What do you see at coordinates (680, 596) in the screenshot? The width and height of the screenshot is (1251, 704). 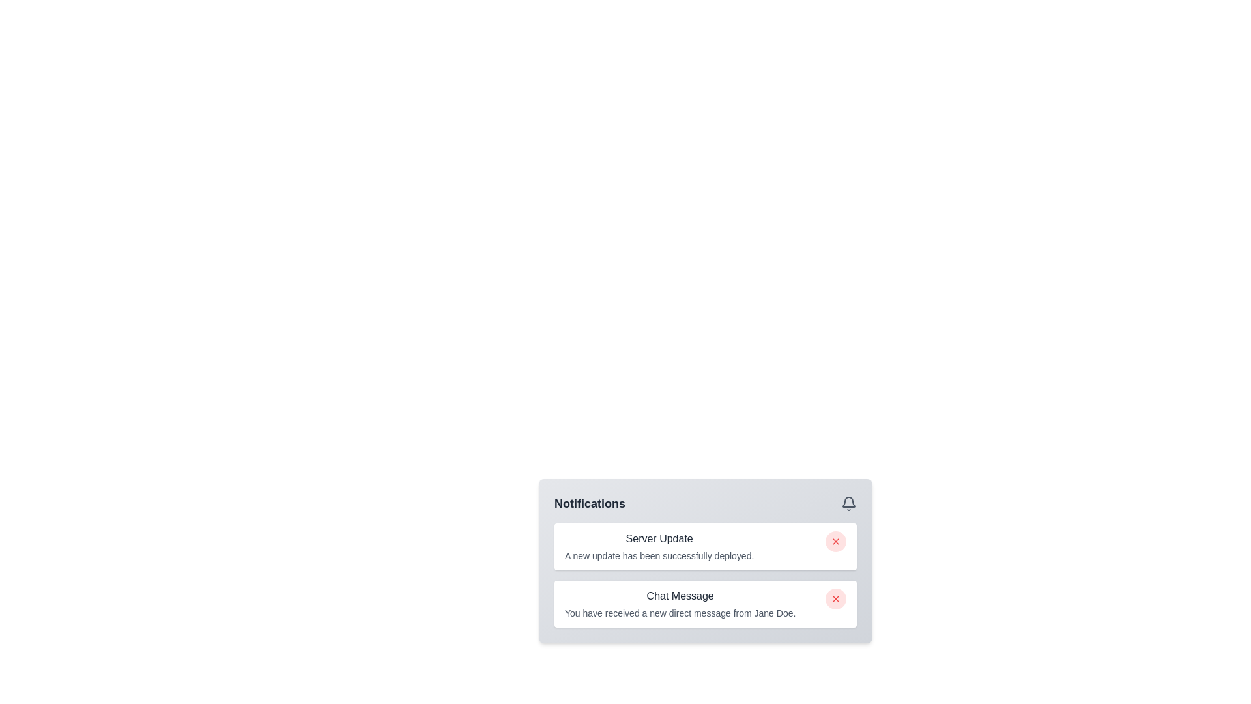 I see `the title text label of the second notification box, which serves to identify the type or subject of the notification and is positioned above the secondary text, to the right of a red delete icon` at bounding box center [680, 596].